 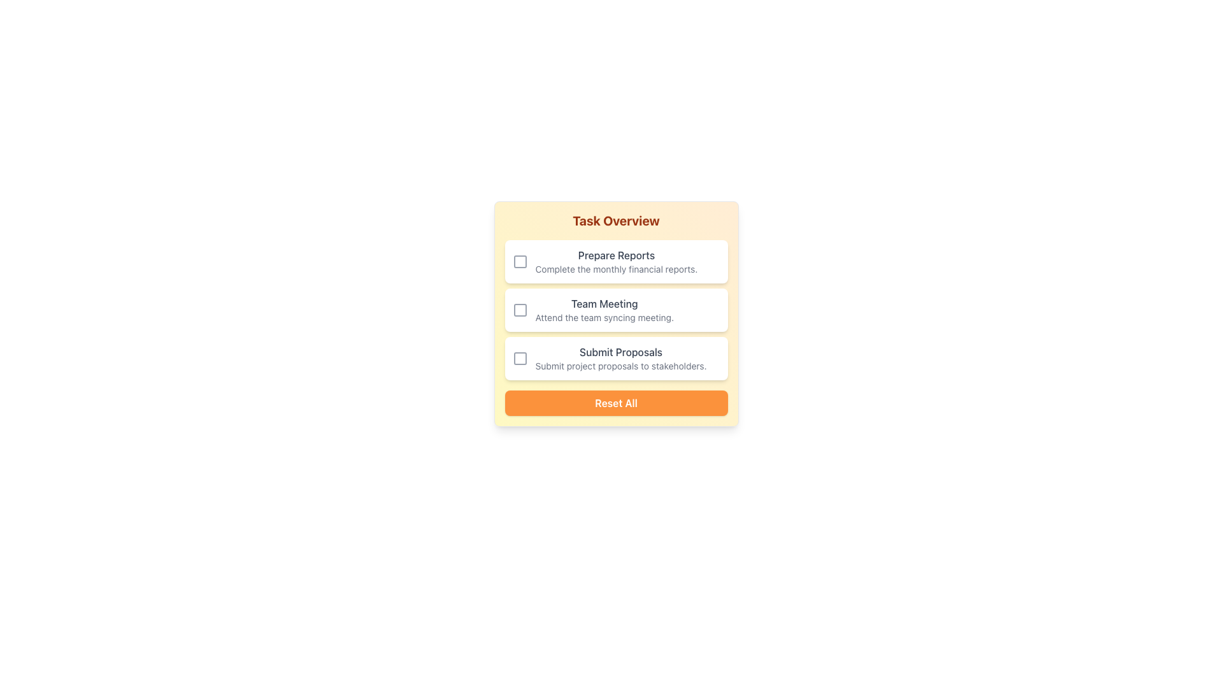 What do you see at coordinates (616, 255) in the screenshot?
I see `the text label that serves as the title of the task item, positioned at the top of the task card titled 'Task Overview.'` at bounding box center [616, 255].